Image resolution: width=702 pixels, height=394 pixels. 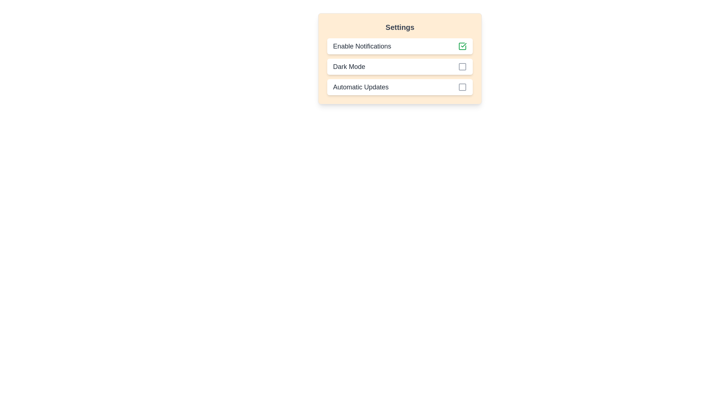 I want to click on the small gray square with rounded corners inside the checkbox for 'Automatic Updates' in the 'Settings' pane, so click(x=462, y=87).